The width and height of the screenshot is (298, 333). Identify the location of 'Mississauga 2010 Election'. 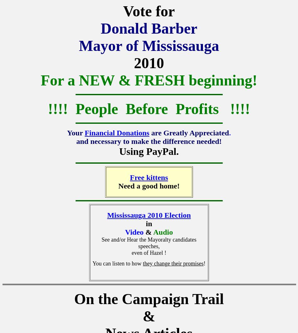
(148, 215).